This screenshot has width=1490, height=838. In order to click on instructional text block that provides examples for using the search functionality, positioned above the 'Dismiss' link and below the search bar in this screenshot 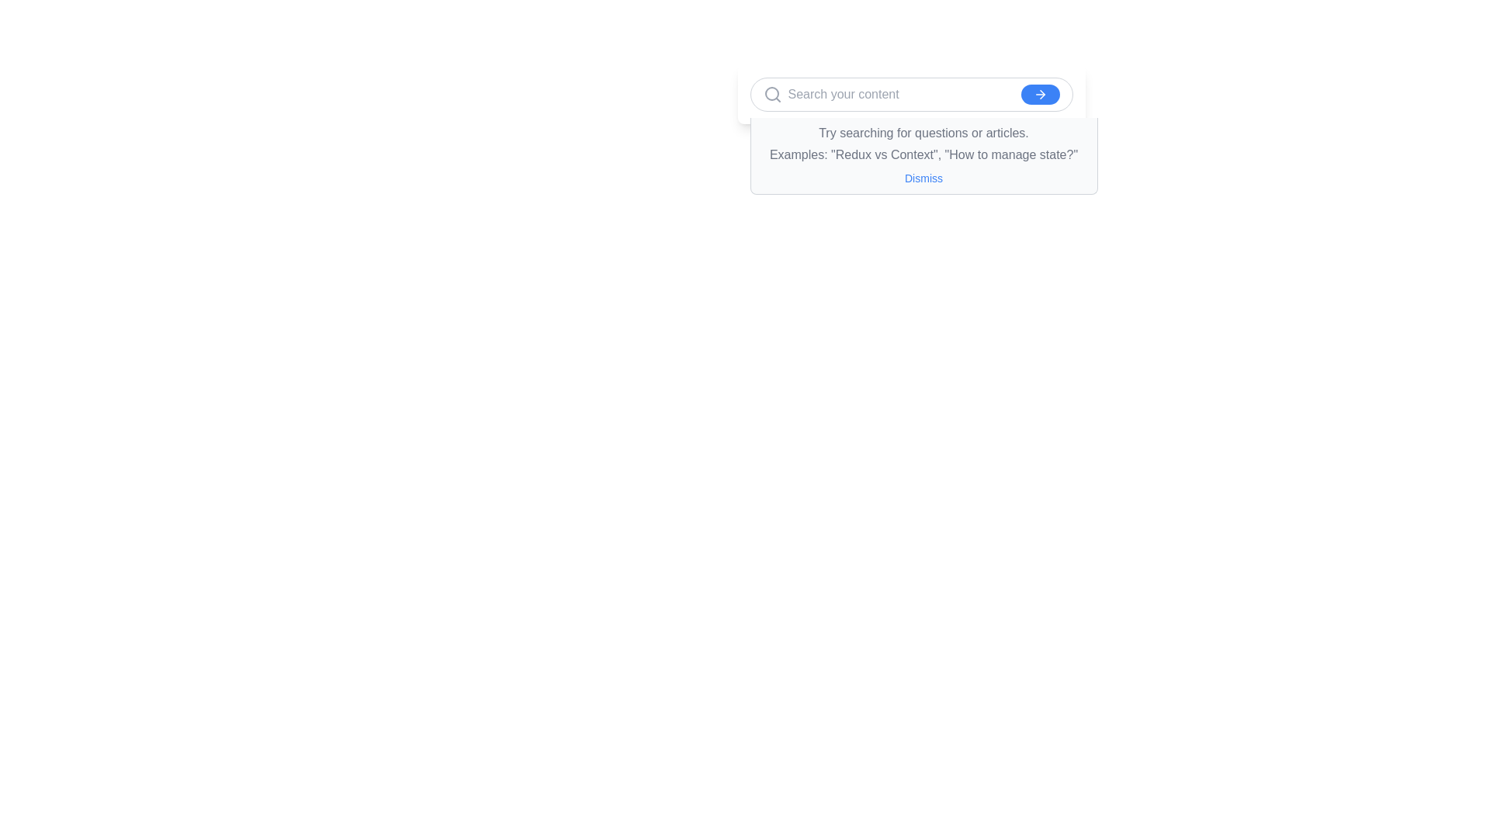, I will do `click(923, 144)`.